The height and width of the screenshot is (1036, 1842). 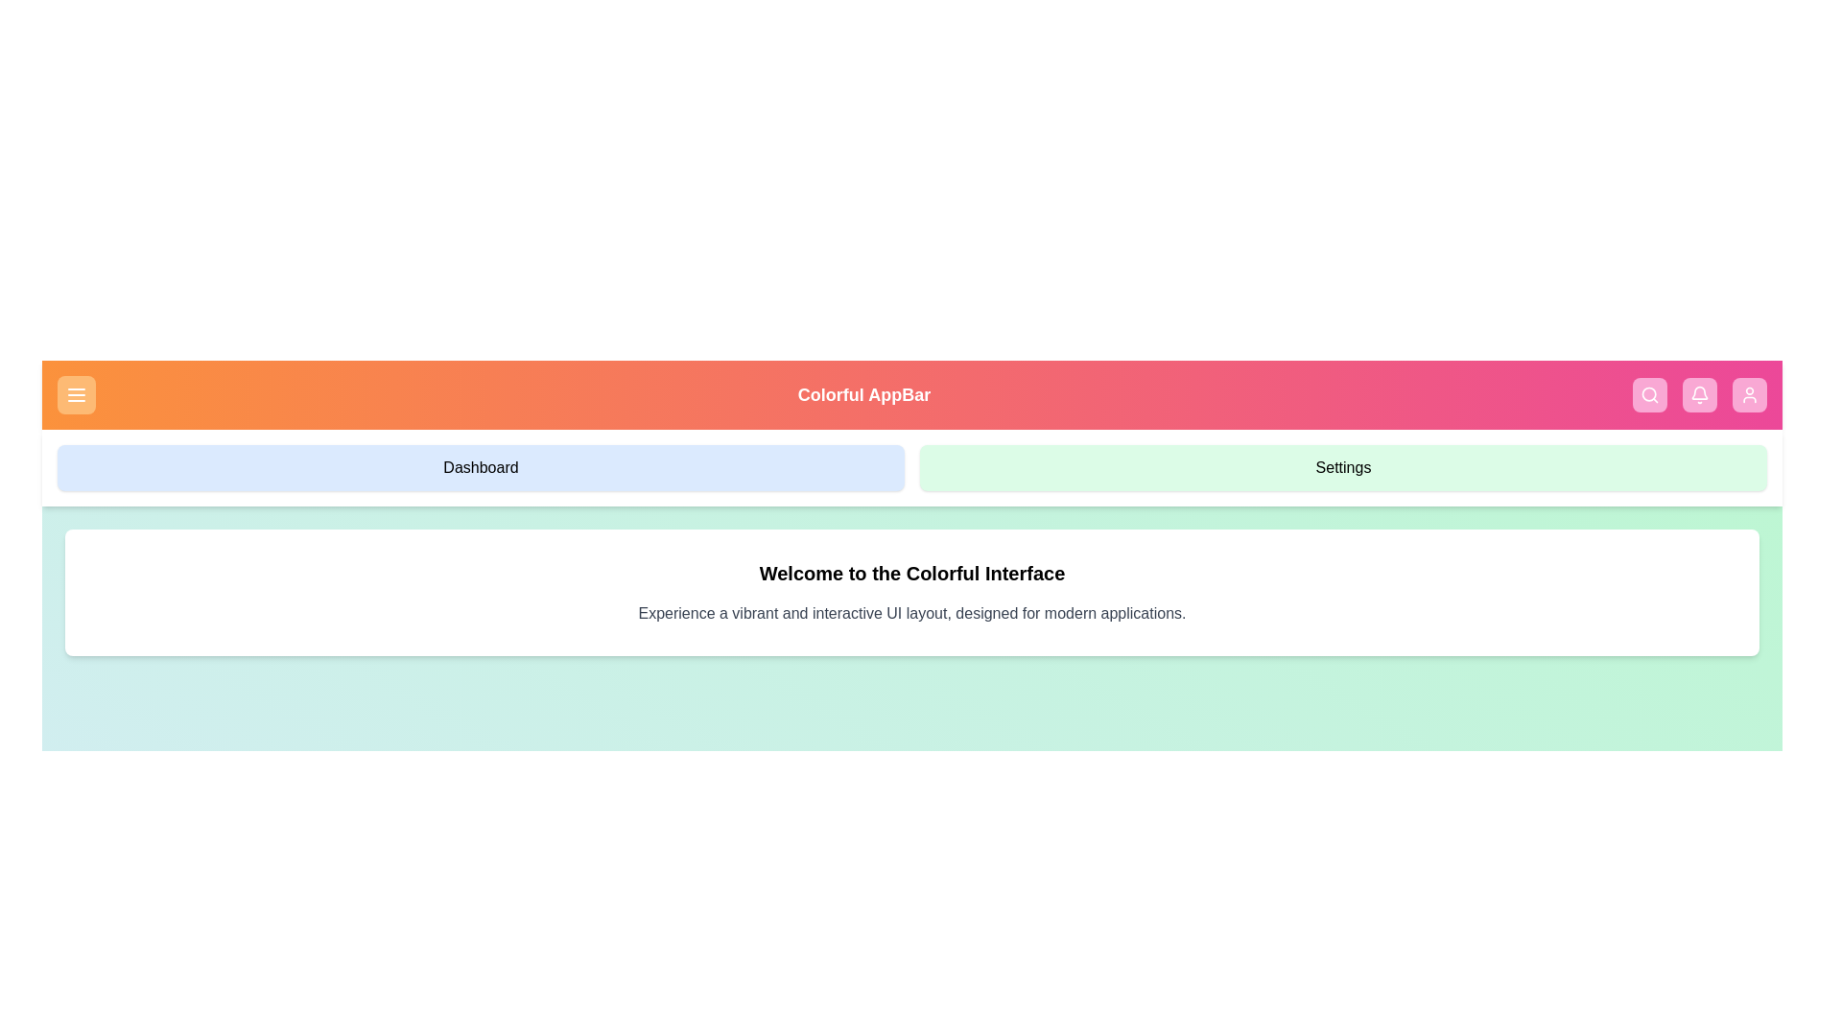 I want to click on search button in the header, so click(x=1648, y=394).